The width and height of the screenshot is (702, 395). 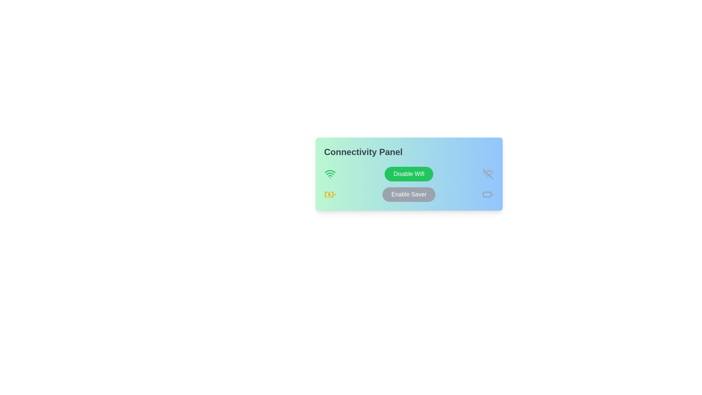 I want to click on the gray diagonal line crossing through the Wi-Fi symbol, which indicates a disabled Wi-Fi state, located in the Connectivity Panel at the coordinates provided, so click(x=488, y=174).